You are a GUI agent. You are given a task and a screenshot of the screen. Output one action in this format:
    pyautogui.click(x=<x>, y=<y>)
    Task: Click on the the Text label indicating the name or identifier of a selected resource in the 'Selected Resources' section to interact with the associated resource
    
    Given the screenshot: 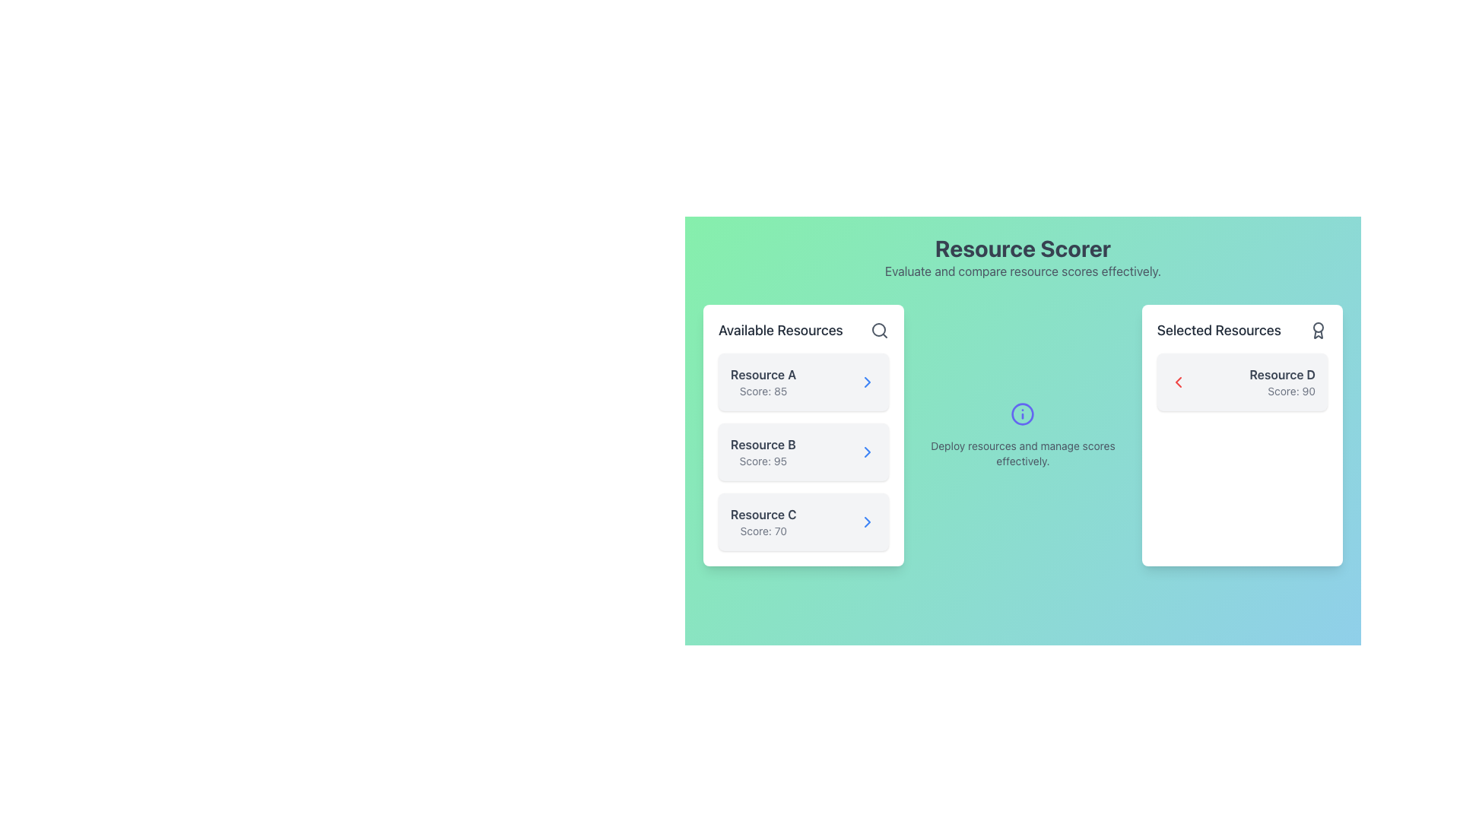 What is the action you would take?
    pyautogui.click(x=1281, y=375)
    